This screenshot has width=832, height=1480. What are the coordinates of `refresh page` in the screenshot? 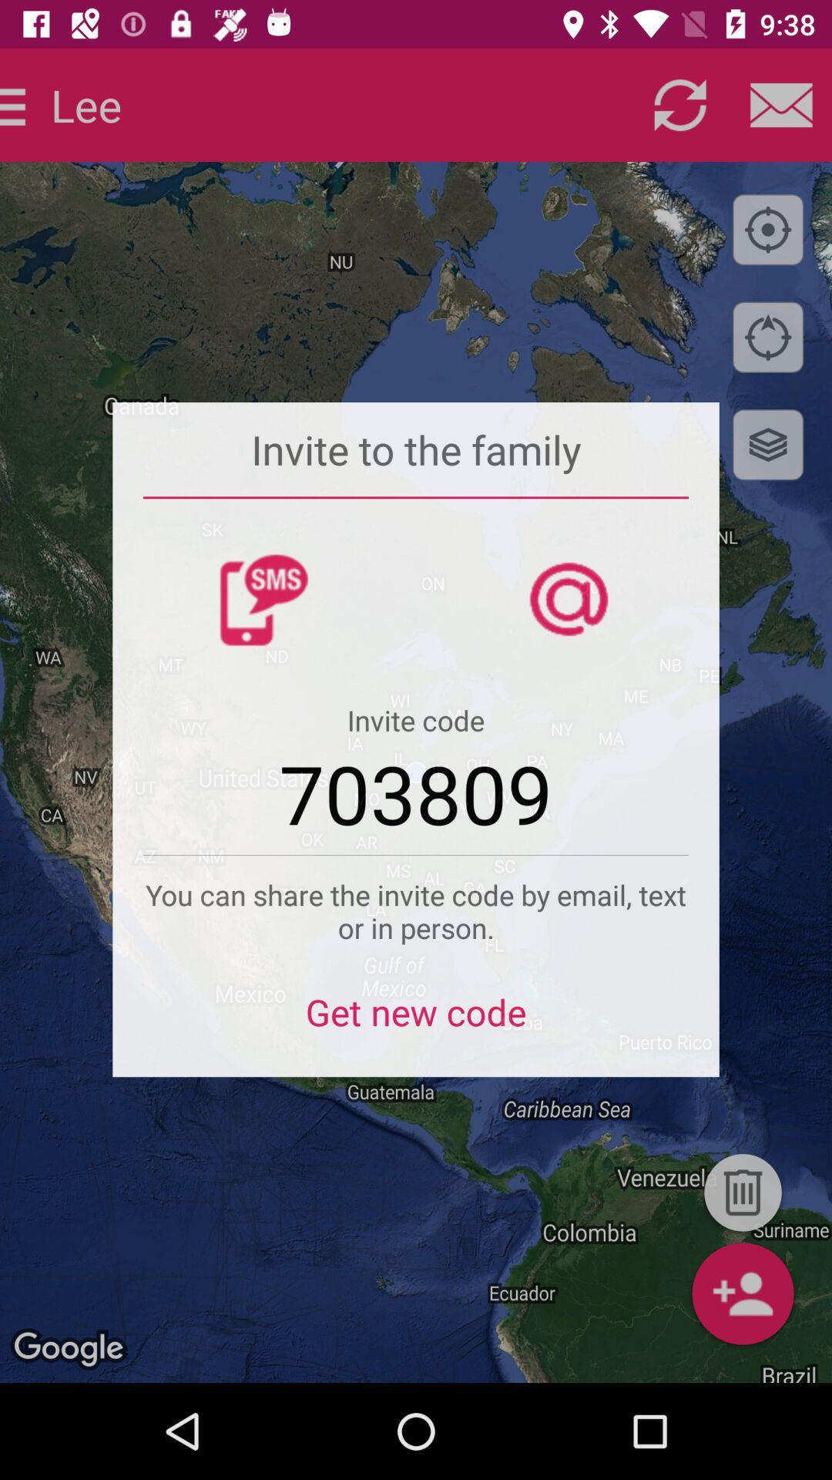 It's located at (679, 104).